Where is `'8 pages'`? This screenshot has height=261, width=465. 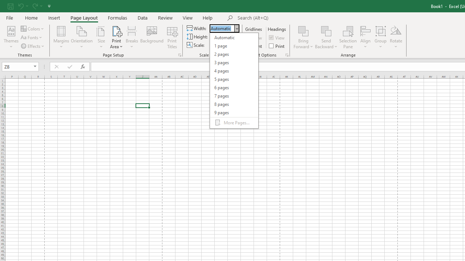
'8 pages' is located at coordinates (234, 104).